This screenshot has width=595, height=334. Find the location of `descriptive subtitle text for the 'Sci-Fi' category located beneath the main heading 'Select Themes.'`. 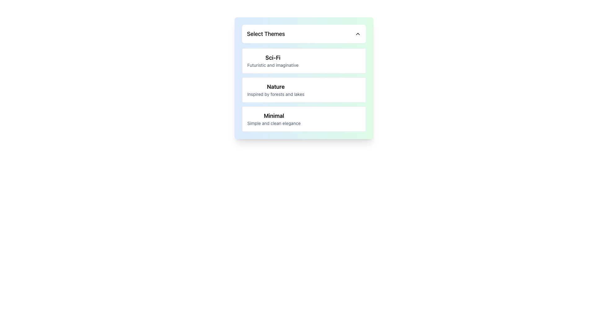

descriptive subtitle text for the 'Sci-Fi' category located beneath the main heading 'Select Themes.' is located at coordinates (273, 65).